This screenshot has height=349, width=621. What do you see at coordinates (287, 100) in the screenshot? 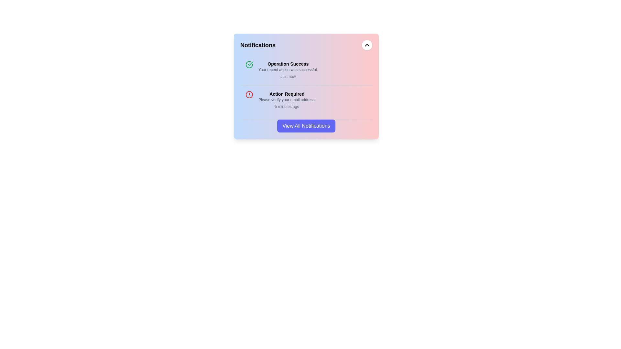
I see `explanatory text located below the 'Action Required' label within the notification card` at bounding box center [287, 100].